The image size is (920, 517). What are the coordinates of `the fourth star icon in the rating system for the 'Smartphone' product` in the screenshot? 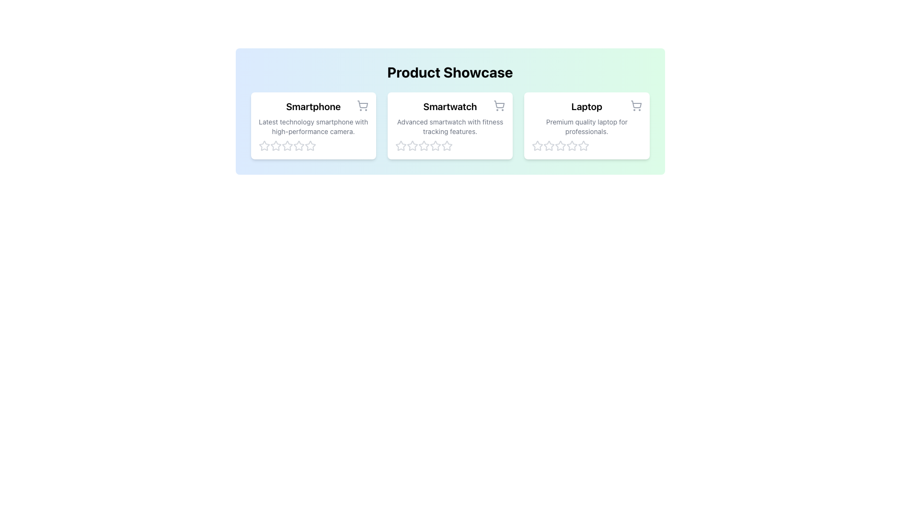 It's located at (298, 146).